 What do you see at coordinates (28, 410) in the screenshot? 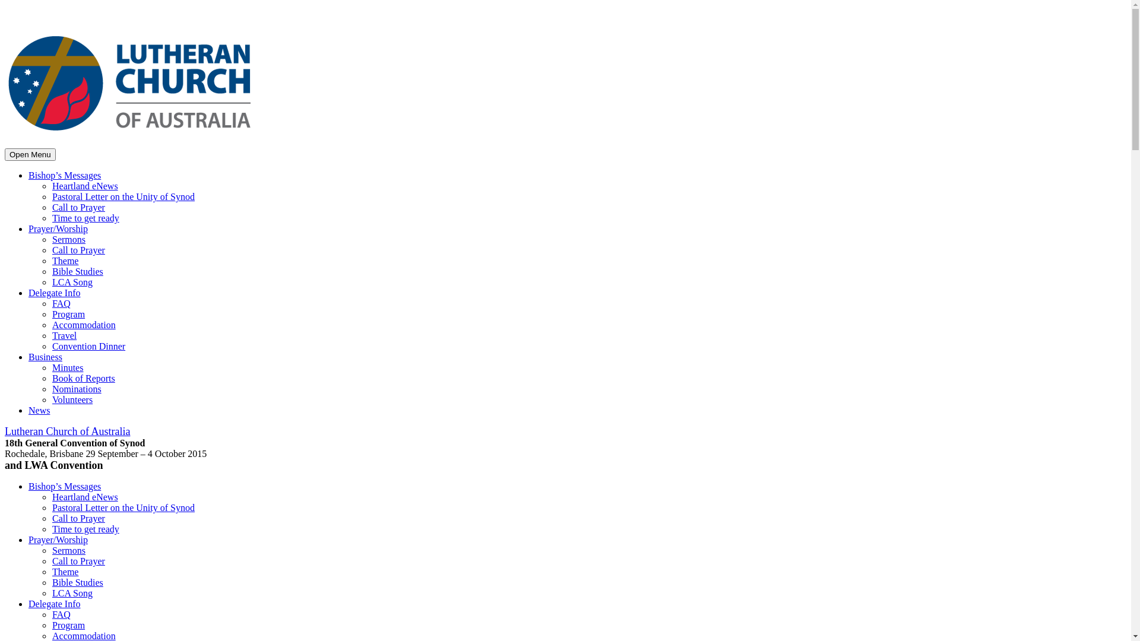
I see `'News'` at bounding box center [28, 410].